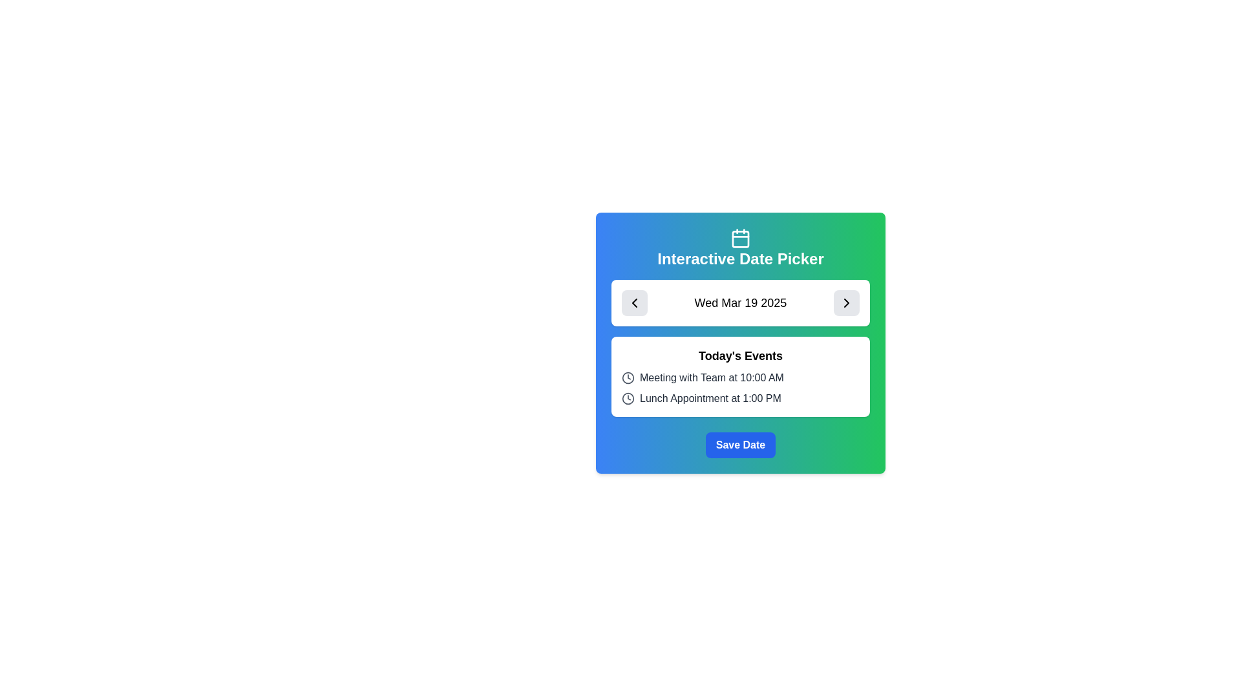  I want to click on the clock icon representing a calendar appointment located adjacent to the text 'Lunch Appointment at 1:00 PM', so click(628, 398).